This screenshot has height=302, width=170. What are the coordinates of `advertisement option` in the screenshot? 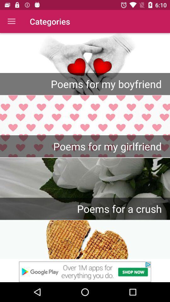 It's located at (85, 271).